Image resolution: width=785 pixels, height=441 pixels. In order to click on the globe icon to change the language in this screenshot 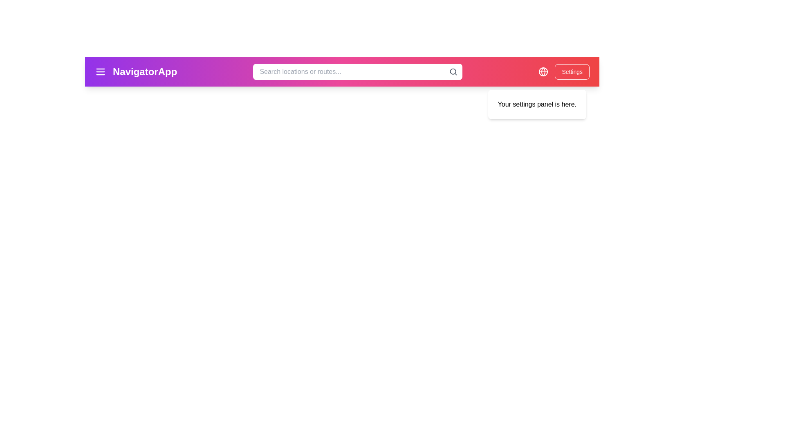, I will do `click(543, 71)`.